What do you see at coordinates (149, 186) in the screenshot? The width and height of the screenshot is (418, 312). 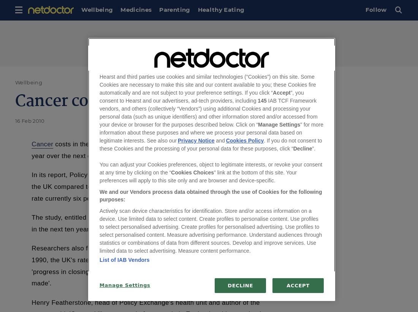 I see `'In its report, Policy Exchange said the gap in the mortality rate from cancer in the UK compared to the rest of Europe needed to be closed, with the UK death rate currently six per cent higher than the average.'` at bounding box center [149, 186].